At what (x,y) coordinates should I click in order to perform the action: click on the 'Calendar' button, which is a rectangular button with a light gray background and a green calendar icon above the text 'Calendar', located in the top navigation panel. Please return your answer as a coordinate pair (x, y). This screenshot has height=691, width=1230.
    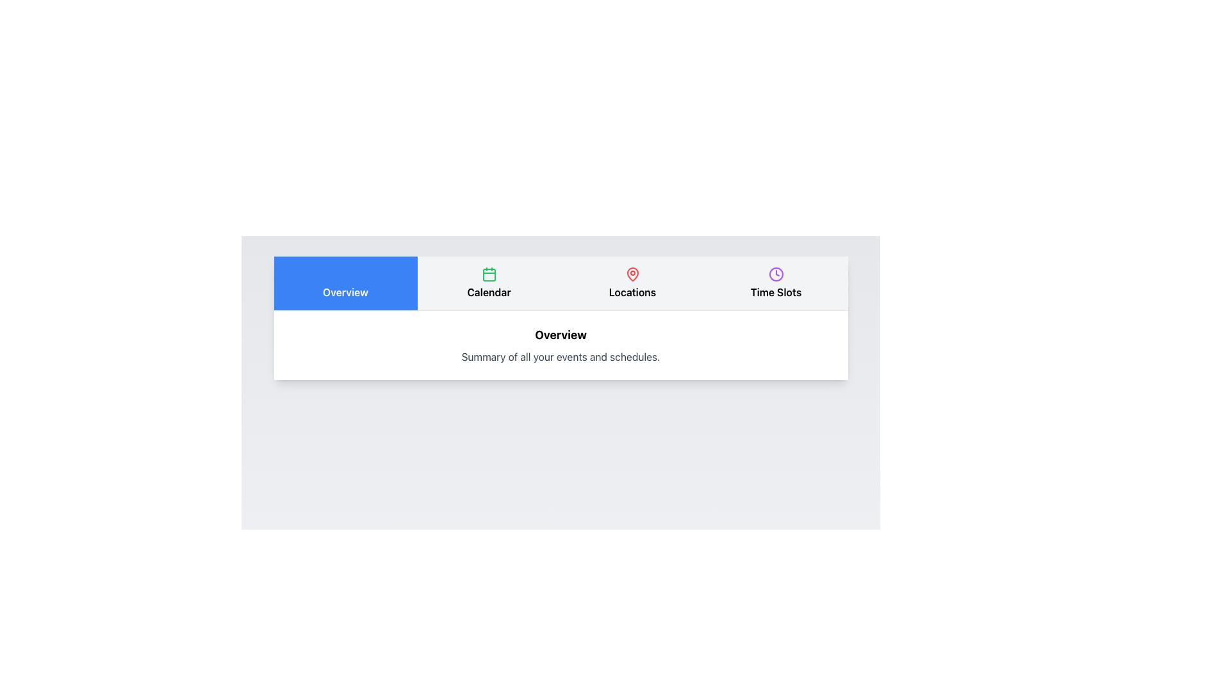
    Looking at the image, I should click on (488, 283).